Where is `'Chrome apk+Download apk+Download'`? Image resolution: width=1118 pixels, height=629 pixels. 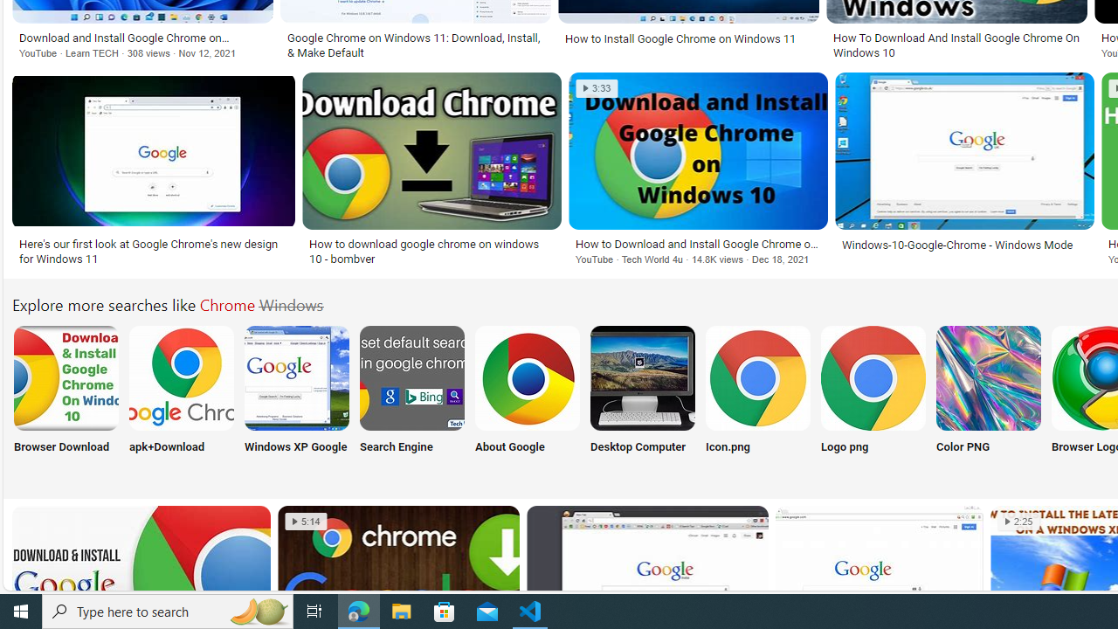 'Chrome apk+Download apk+Download' is located at coordinates (182, 400).